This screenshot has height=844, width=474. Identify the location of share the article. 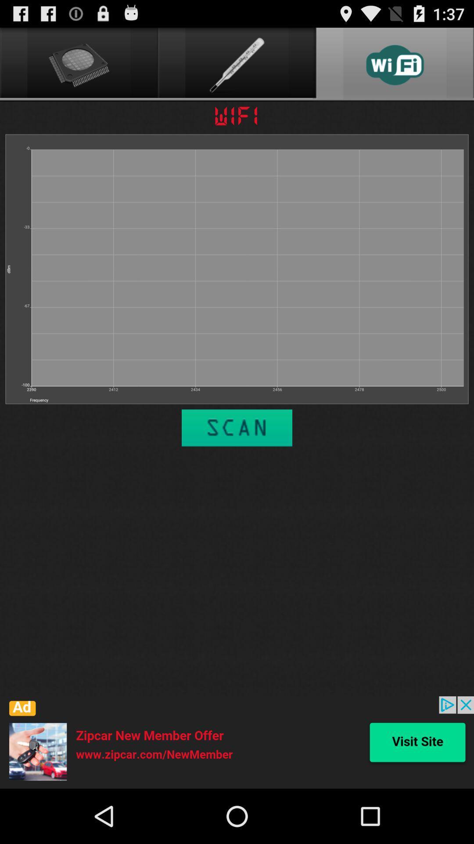
(237, 742).